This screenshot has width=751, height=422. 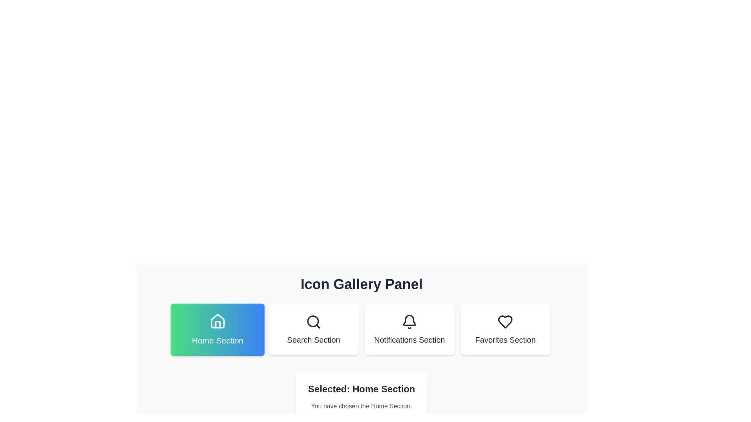 What do you see at coordinates (217, 330) in the screenshot?
I see `the 'Home Section' button, which is a rectangular card with a gradient background from green to blue and contains a house icon and the label 'Home Section' in white` at bounding box center [217, 330].